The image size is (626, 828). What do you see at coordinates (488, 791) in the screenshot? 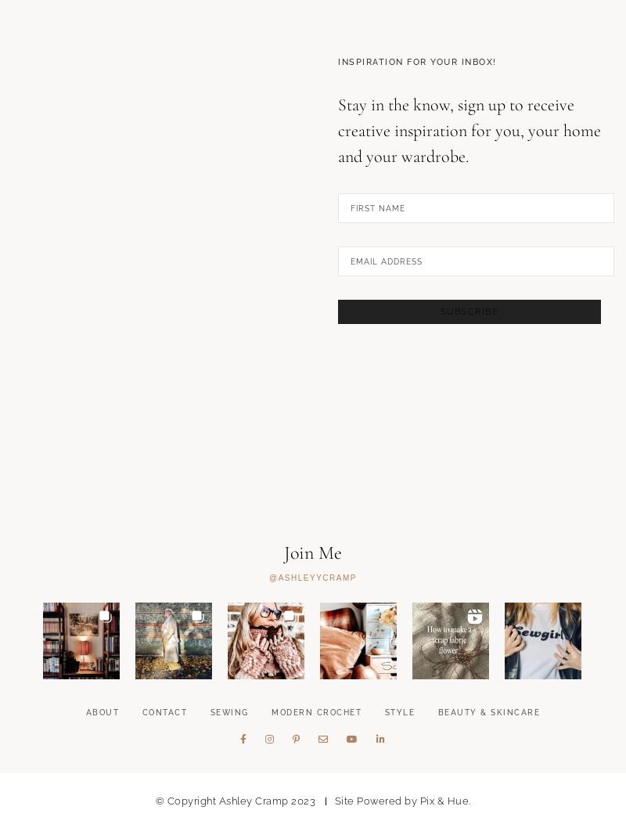
I see `'Beauty & skincare'` at bounding box center [488, 791].